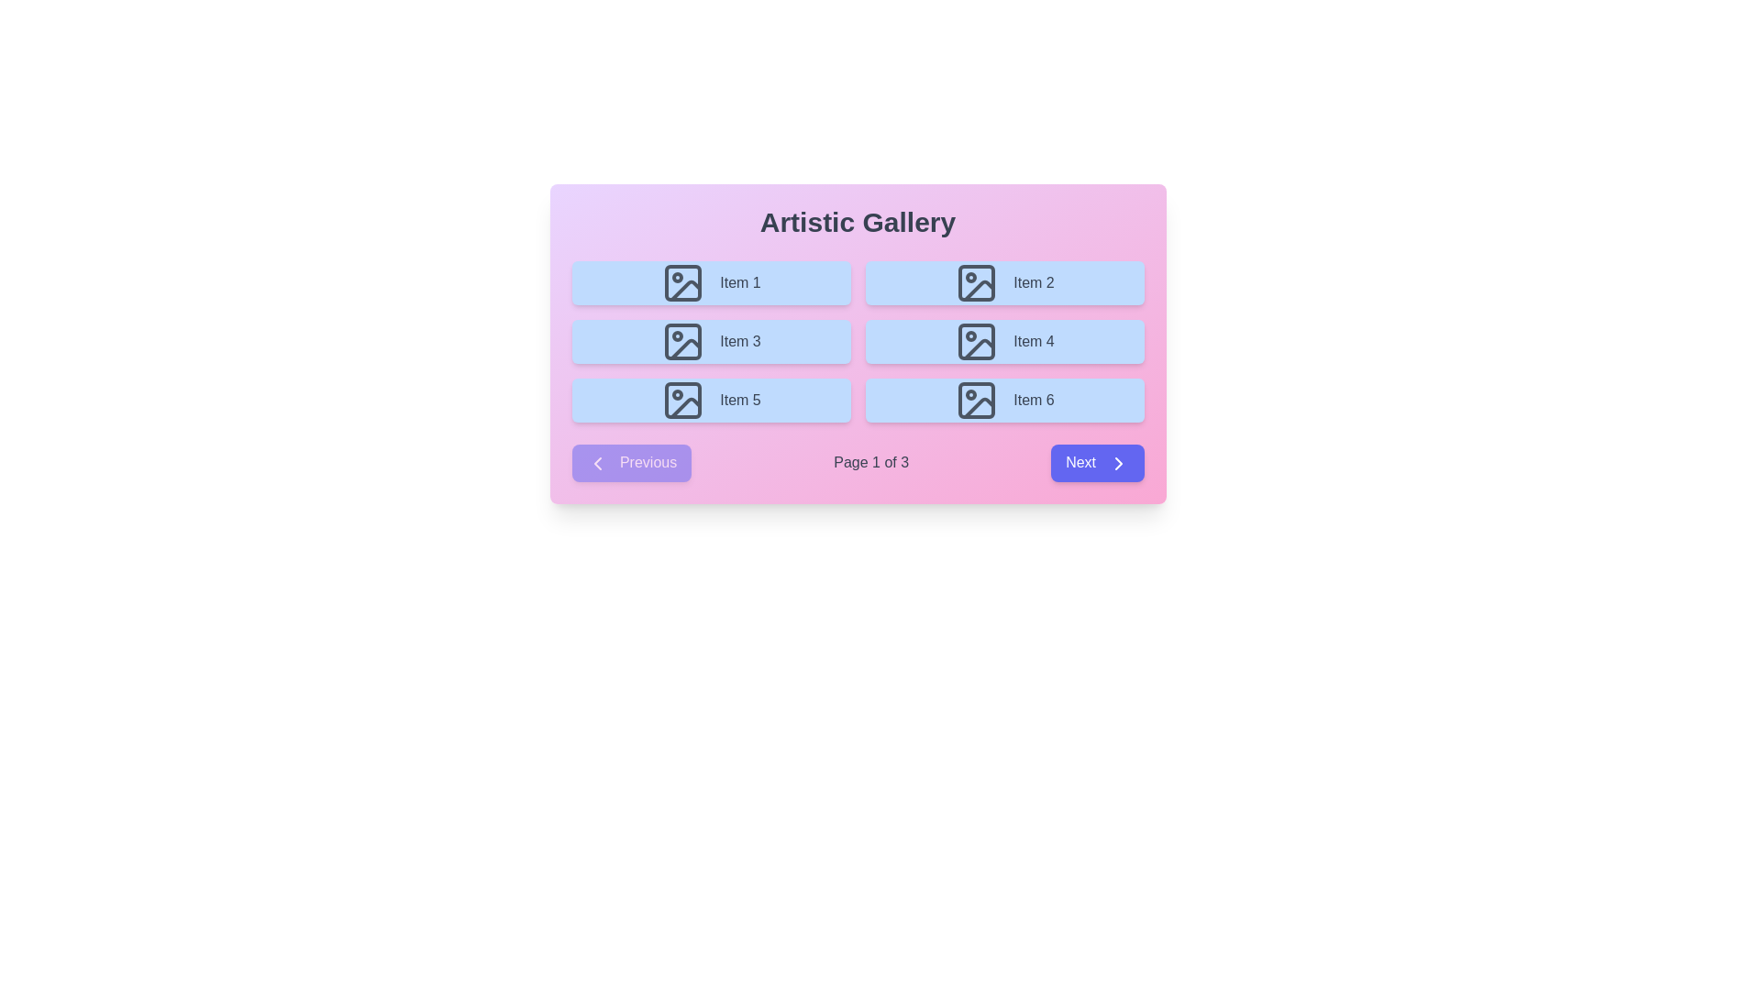 The width and height of the screenshot is (1761, 990). I want to click on the selectable item labeled 'Item 1' in the top-left corner of the grid, so click(710, 282).